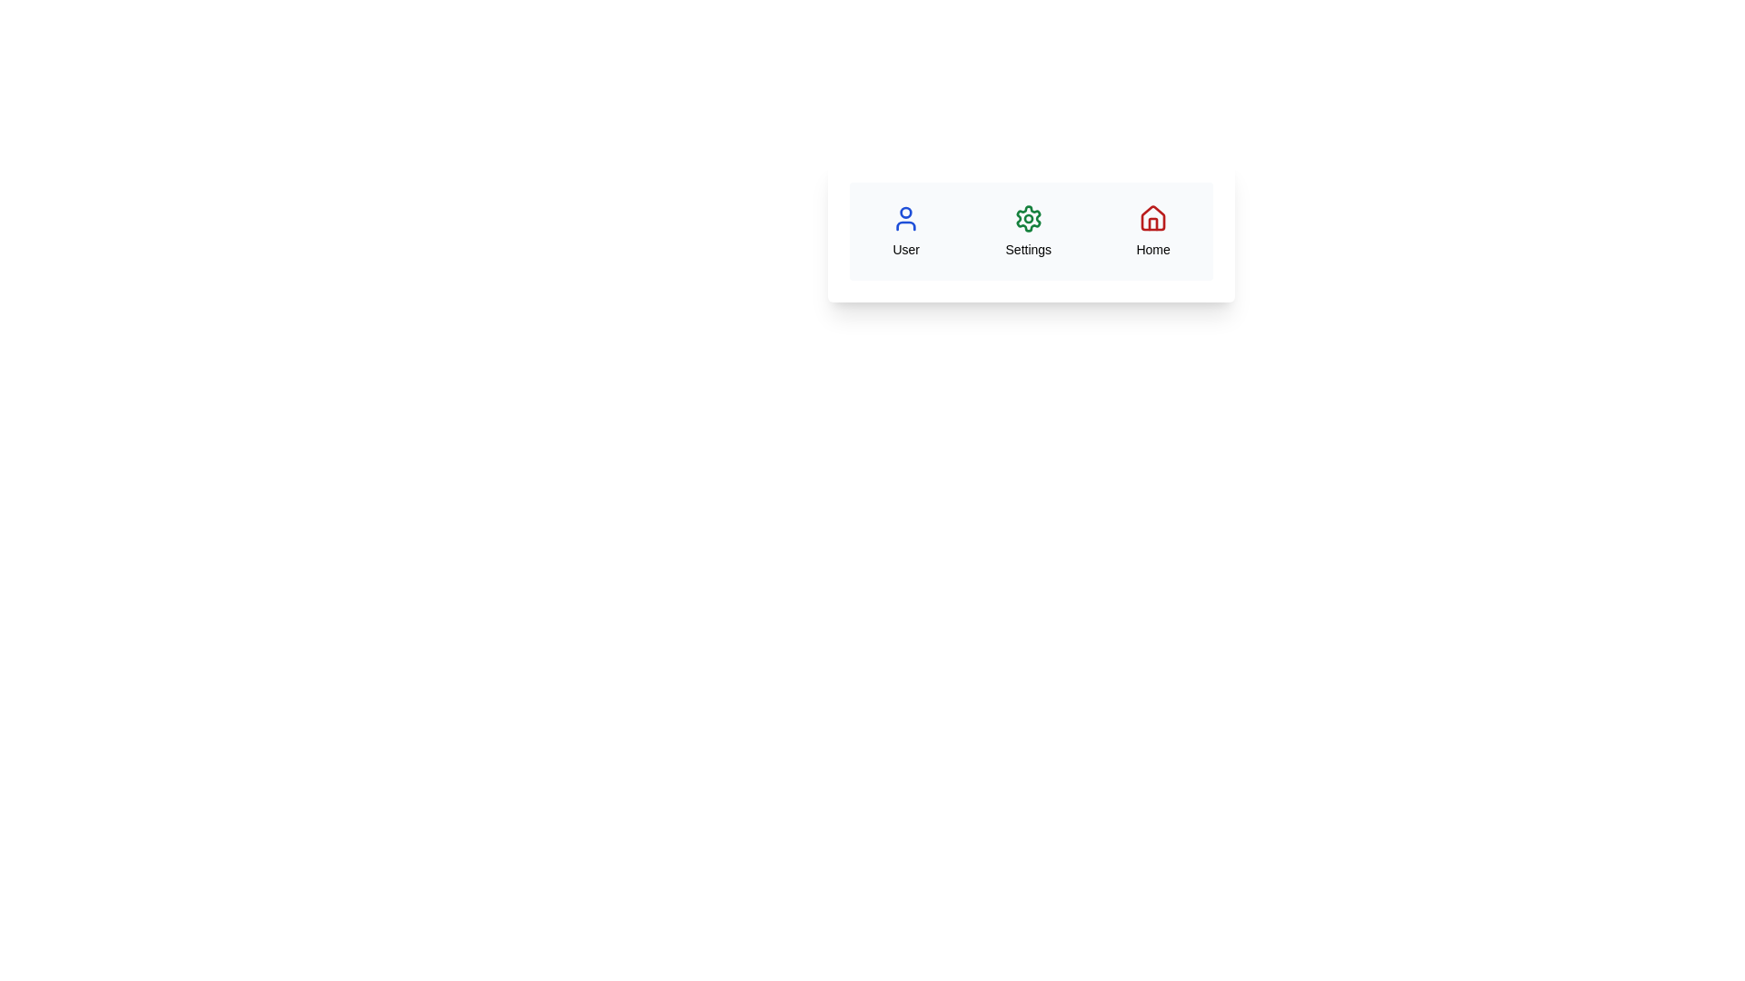  I want to click on the graphical circle element representing the user icon's head in the top-left quadrant of the navigation menu, so click(906, 212).